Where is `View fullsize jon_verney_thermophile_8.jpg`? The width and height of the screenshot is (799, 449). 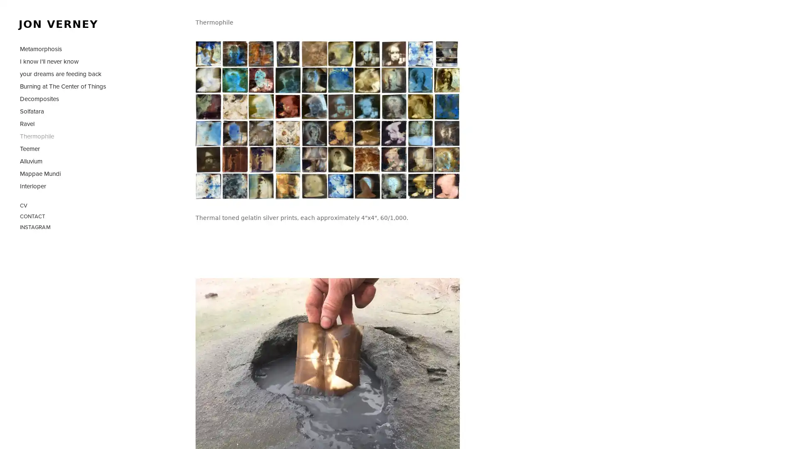 View fullsize jon_verney_thermophile_8.jpg is located at coordinates (288, 80).